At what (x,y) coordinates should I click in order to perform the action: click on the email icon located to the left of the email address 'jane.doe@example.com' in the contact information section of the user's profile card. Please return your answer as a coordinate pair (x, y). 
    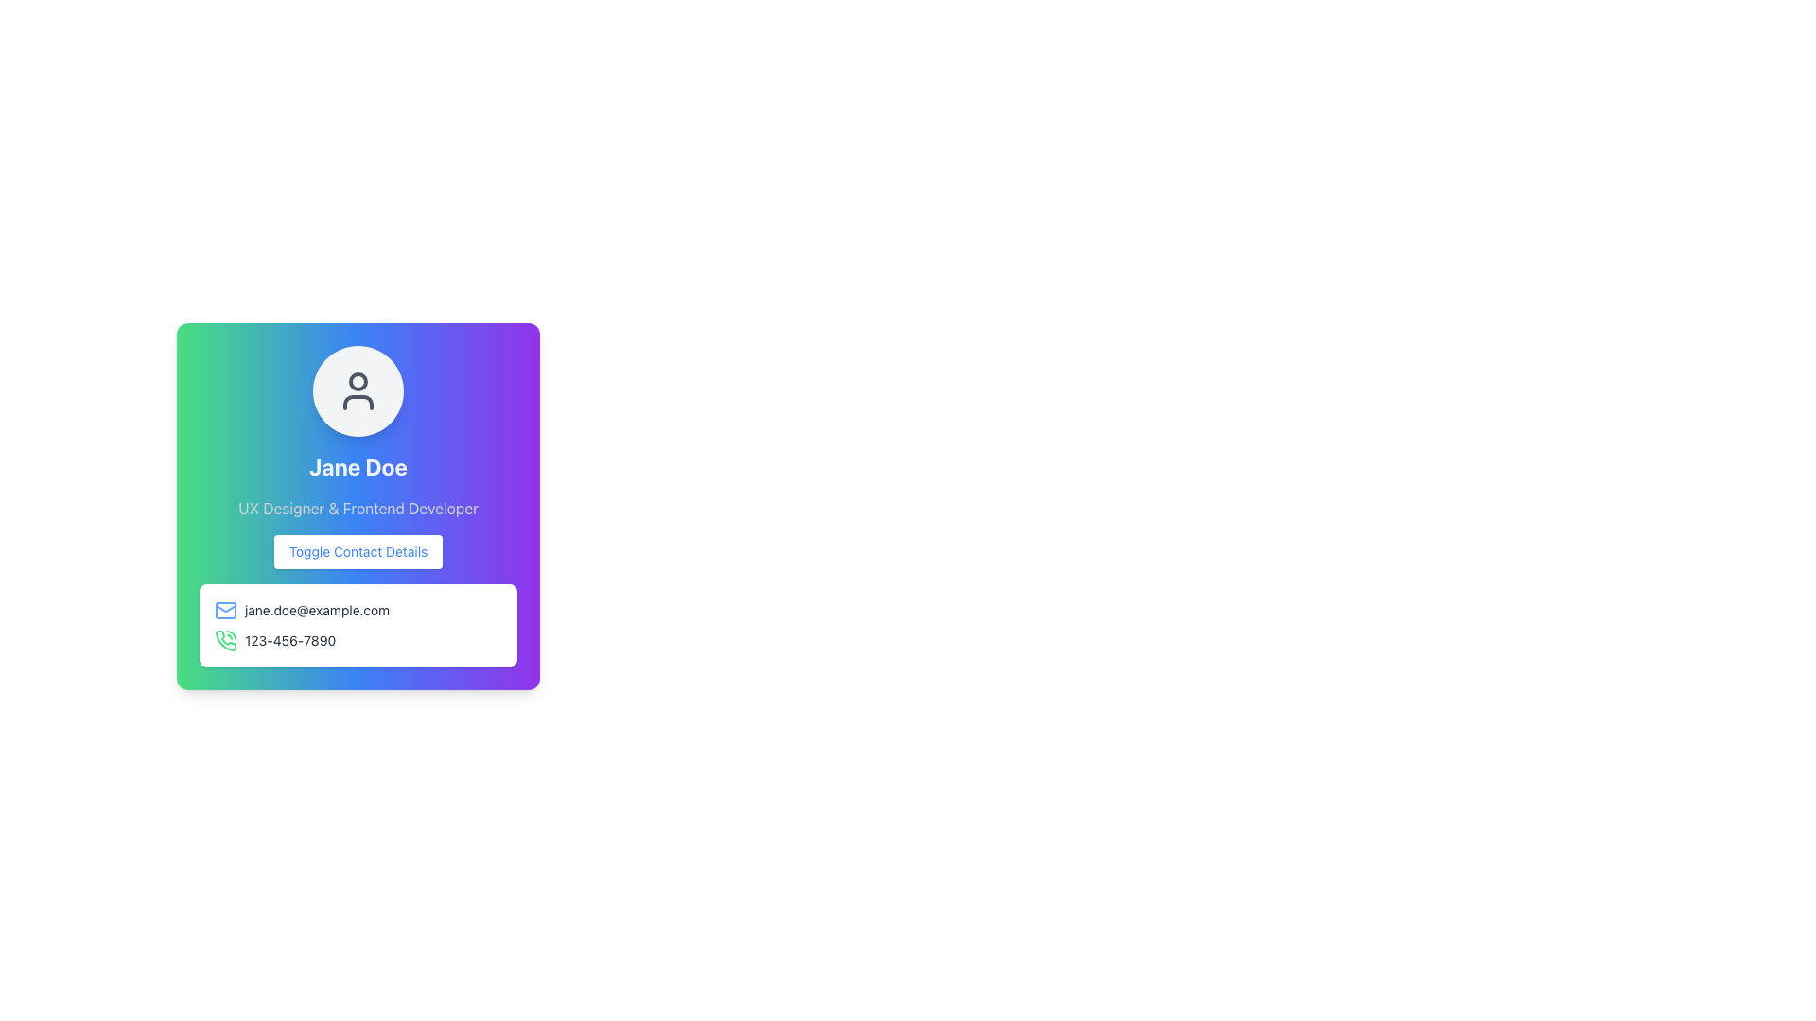
    Looking at the image, I should click on (226, 610).